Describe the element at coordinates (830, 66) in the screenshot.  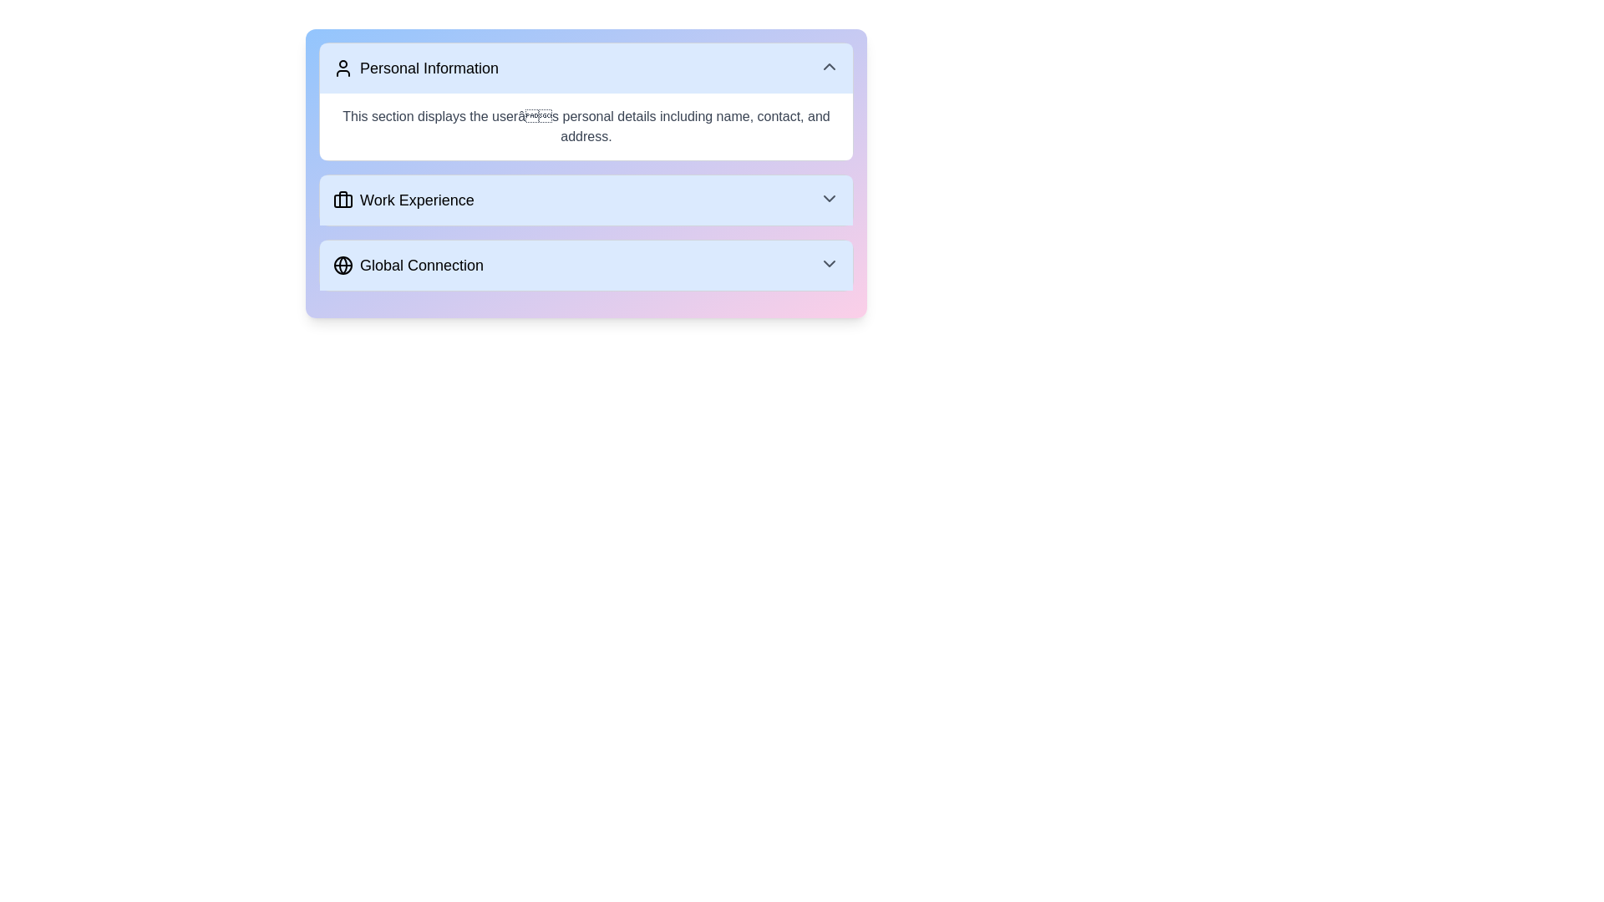
I see `the chevron-up icon located at the far right of the 'Personal Information' header` at that location.